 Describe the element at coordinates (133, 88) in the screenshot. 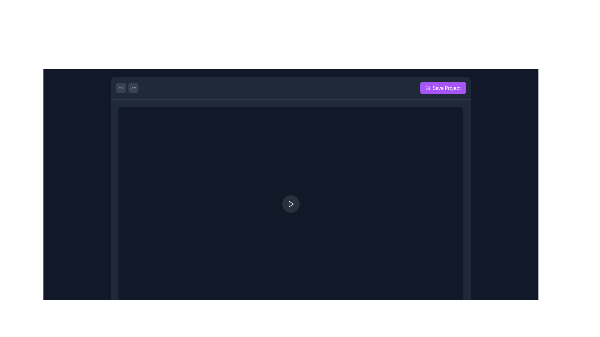

I see `the redo arrow icon, which is styled with a thin stroke and rounded edges, located in the top-left portion of the interface, adjacent to the undo icon` at that location.